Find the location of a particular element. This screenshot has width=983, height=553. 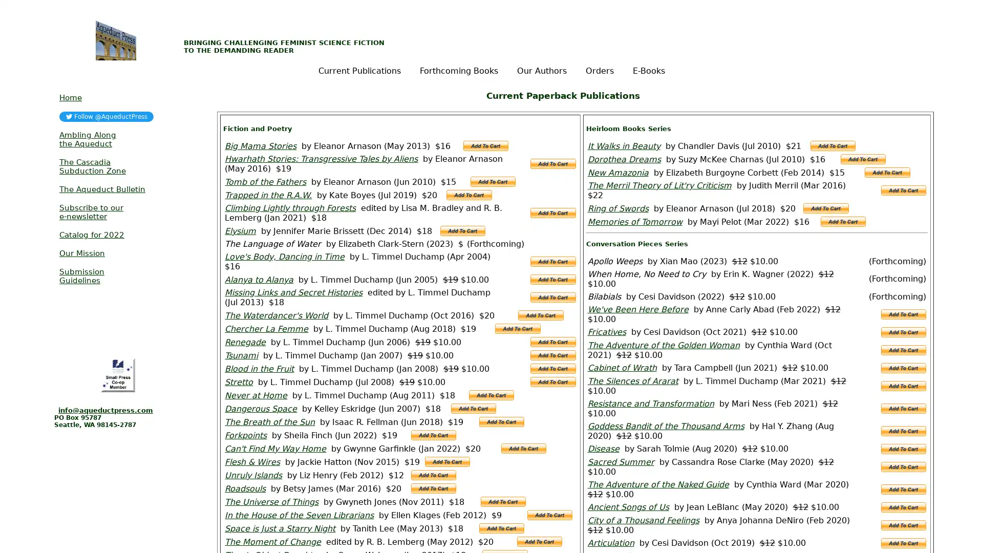

Make payments with PayPal - it\'s fast, free and secure! is located at coordinates (501, 528).